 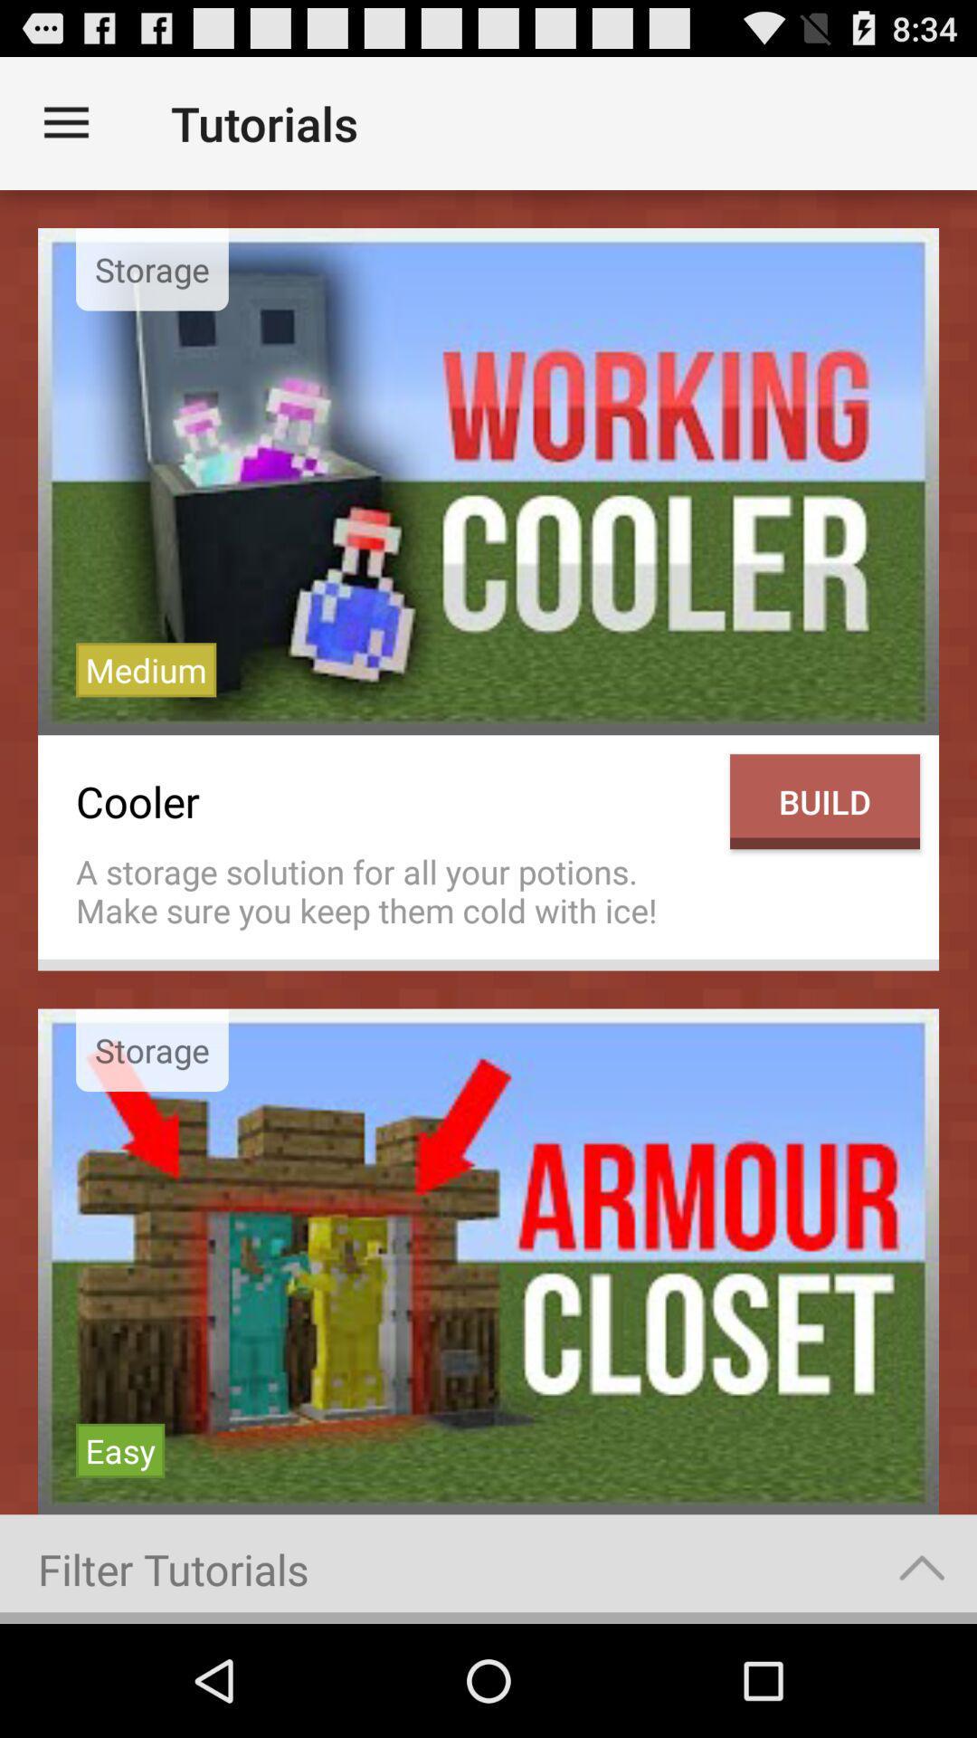 I want to click on icon below the cooler item, so click(x=393, y=891).